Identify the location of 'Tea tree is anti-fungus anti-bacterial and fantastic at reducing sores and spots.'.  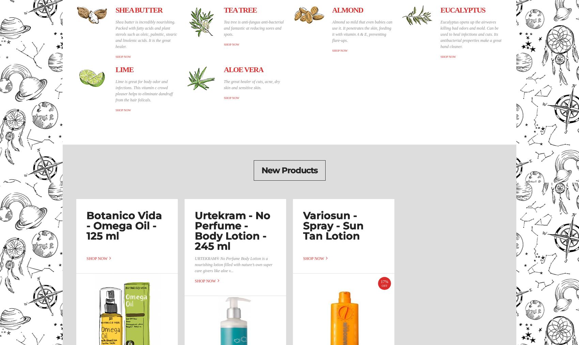
(253, 28).